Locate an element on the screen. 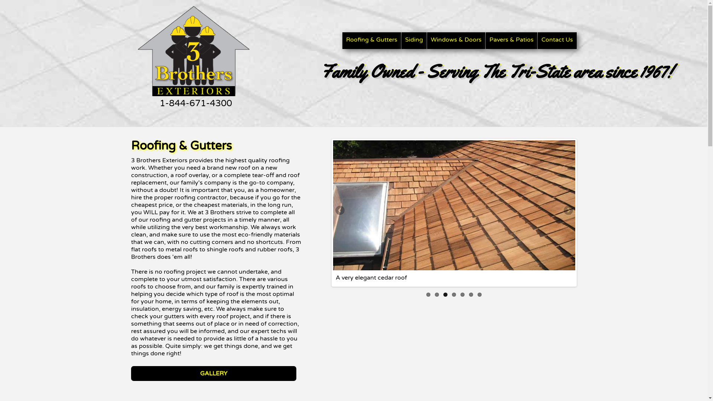 This screenshot has height=401, width=713. 'Siding' is located at coordinates (413, 40).